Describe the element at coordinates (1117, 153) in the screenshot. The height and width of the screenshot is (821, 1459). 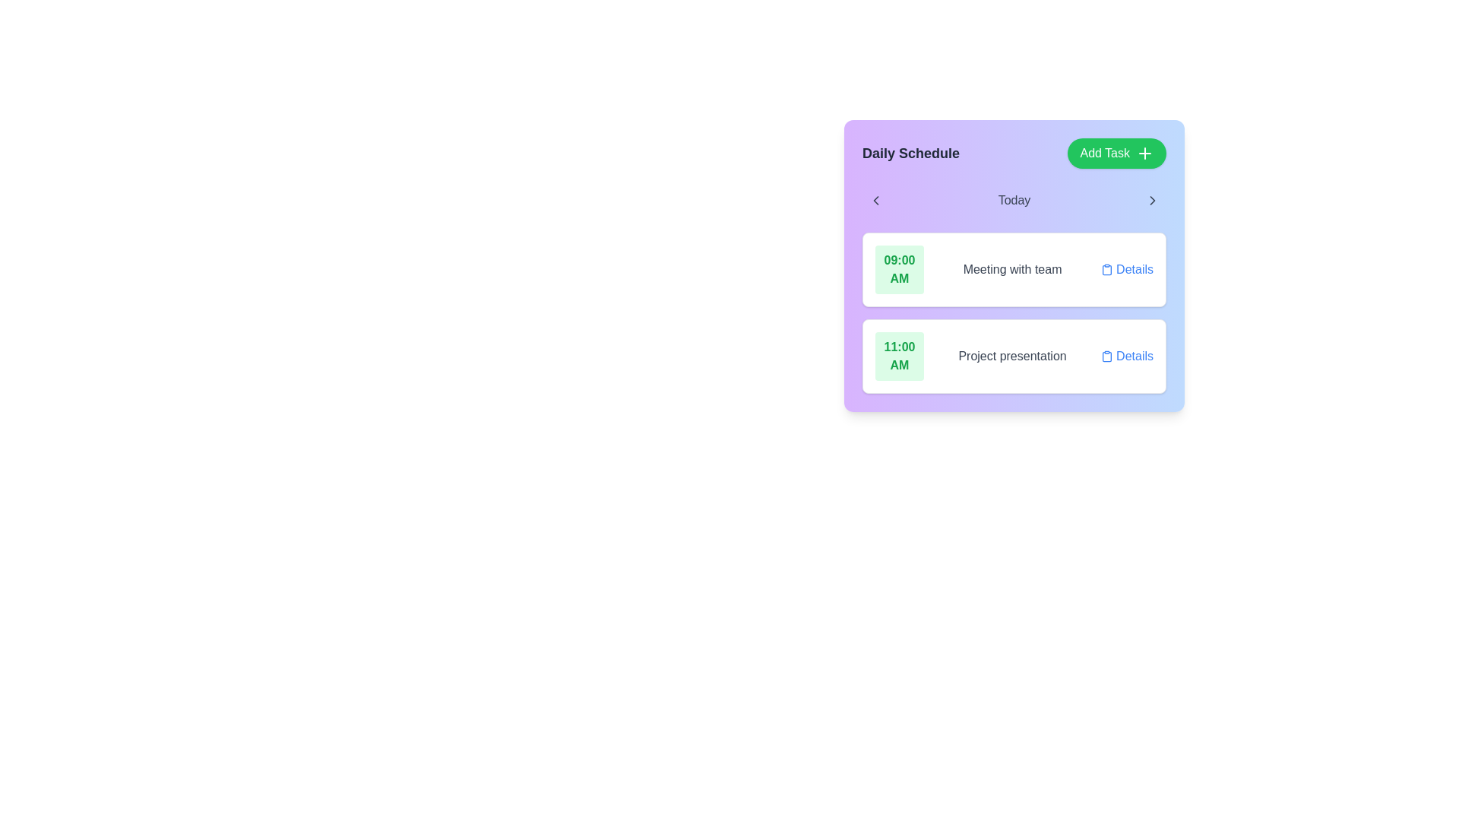
I see `the button that adds a new task to the schedule, located near the top-right corner of the 'Daily Schedule' header section` at that location.